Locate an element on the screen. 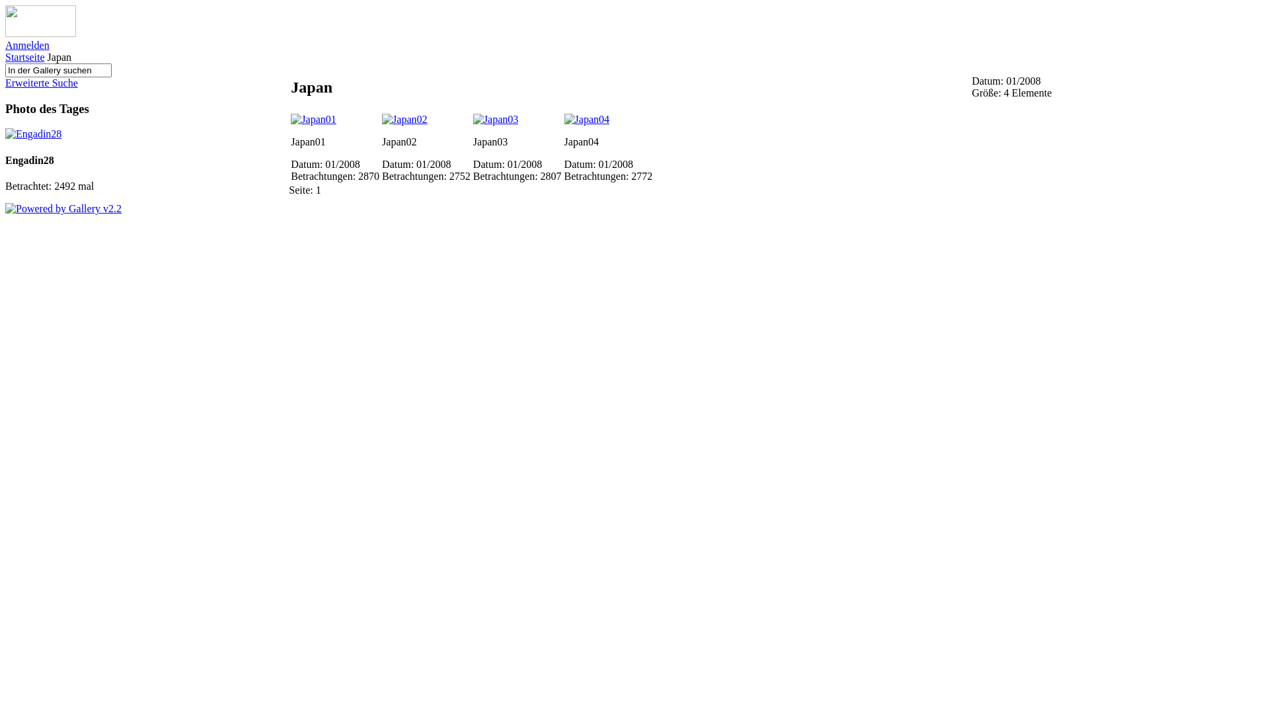 The width and height of the screenshot is (1269, 714). 'Startseite' is located at coordinates (25, 56).